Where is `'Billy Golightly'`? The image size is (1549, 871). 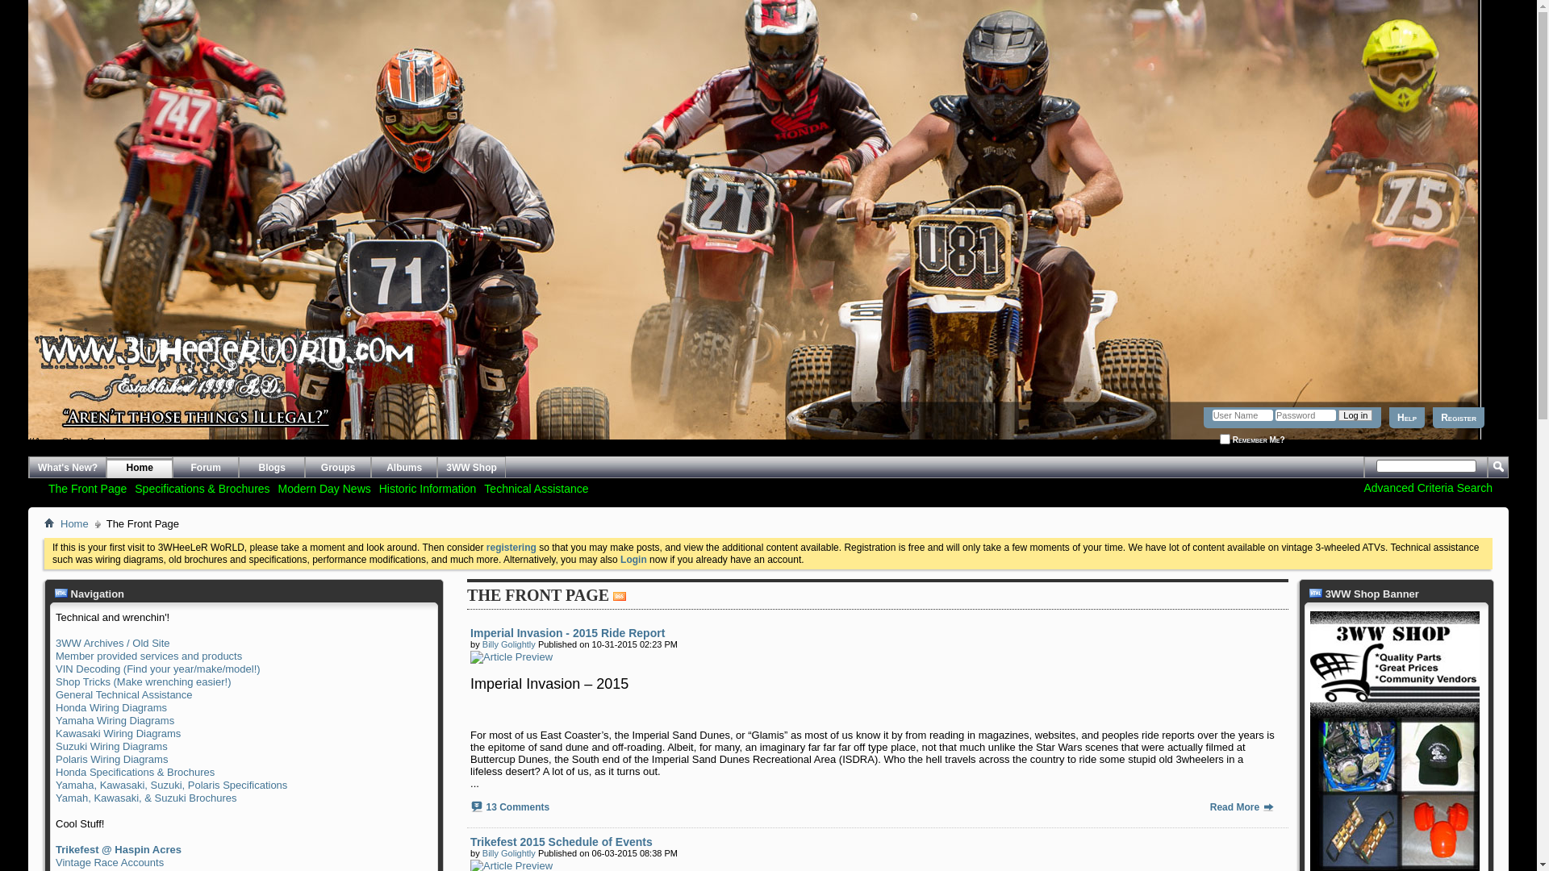 'Billy Golightly' is located at coordinates (507, 852).